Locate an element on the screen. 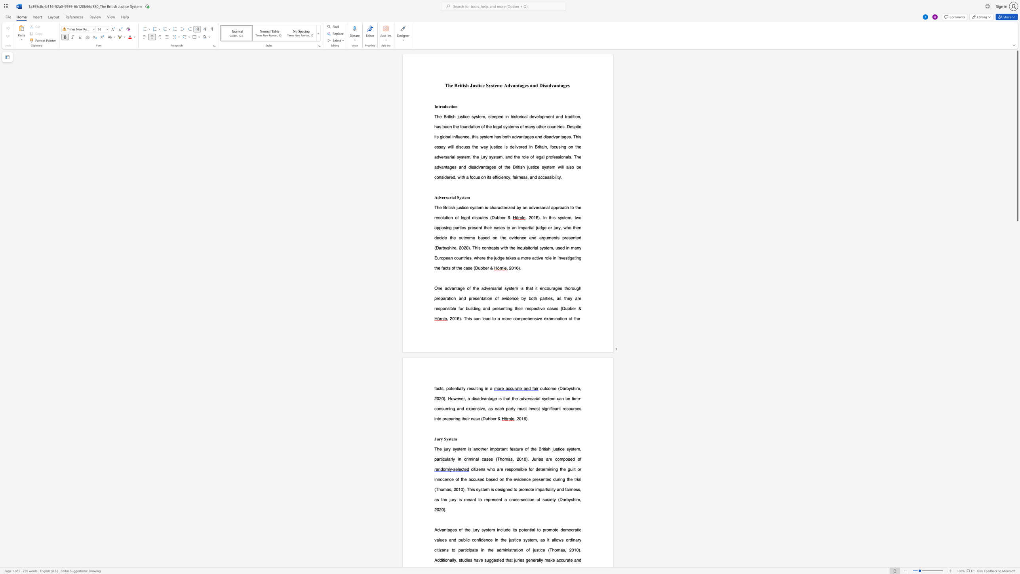 The height and width of the screenshot is (574, 1020). the subset text "it allows ordinary citizens" within the text "Advantages of the jury system include its potential to promote democratic values and public confidence in the justice system, as it allows ordinary citizens to" is located at coordinates (547, 540).